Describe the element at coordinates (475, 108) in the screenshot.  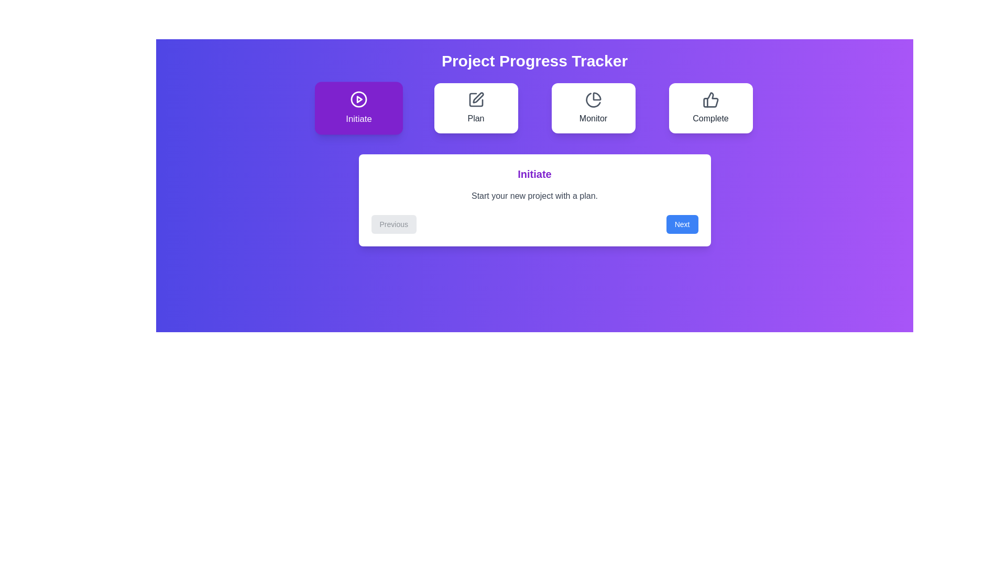
I see `the step Plan in the progress tracker` at that location.